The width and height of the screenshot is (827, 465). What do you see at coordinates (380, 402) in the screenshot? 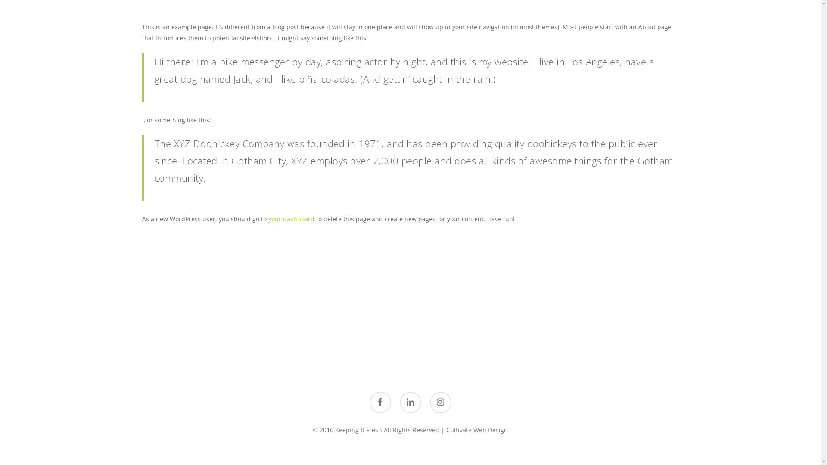
I see `'facebook'` at bounding box center [380, 402].